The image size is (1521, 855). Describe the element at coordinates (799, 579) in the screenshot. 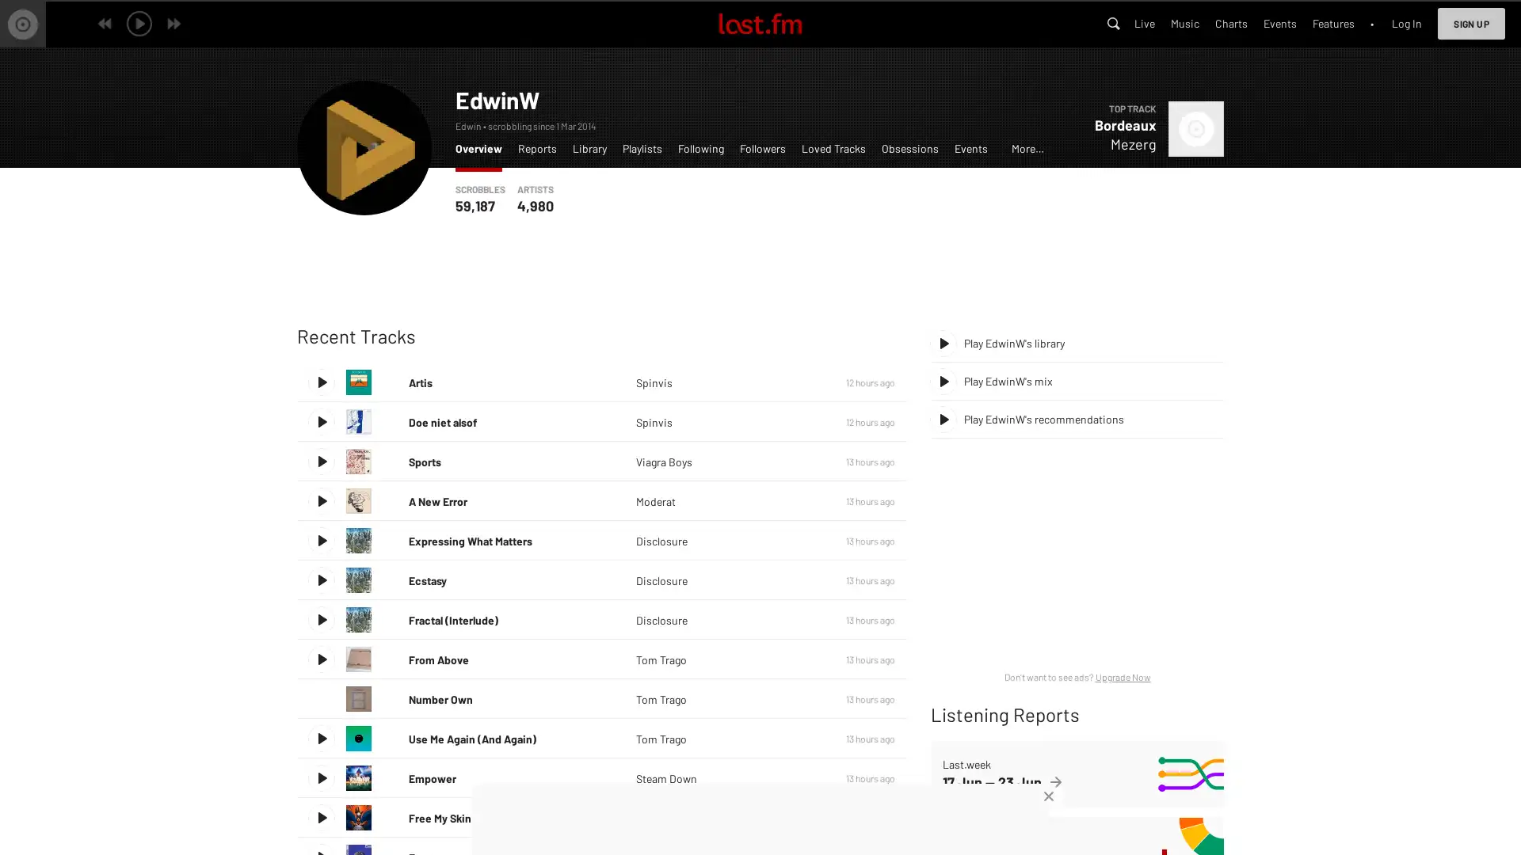

I see `More` at that location.